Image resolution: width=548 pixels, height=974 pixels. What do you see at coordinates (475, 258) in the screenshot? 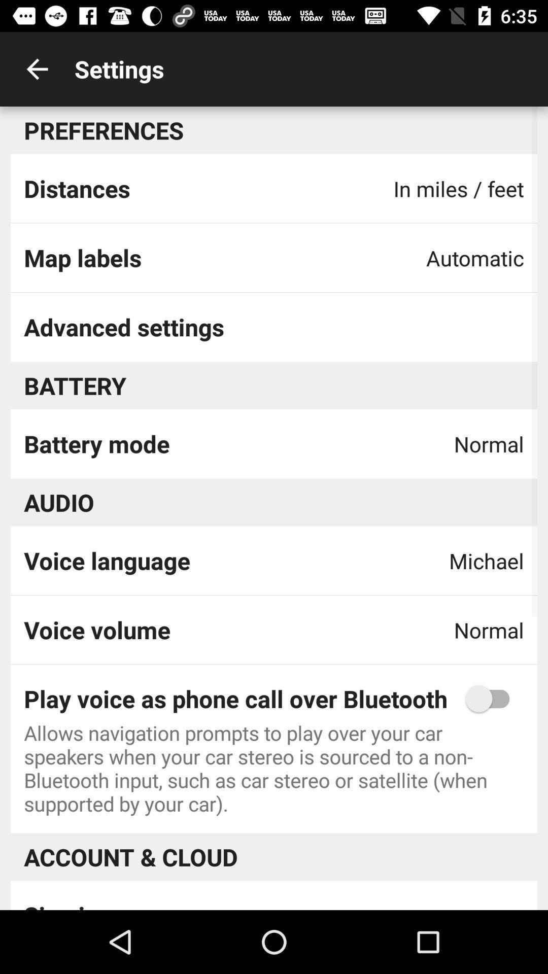
I see `the automatic item` at bounding box center [475, 258].